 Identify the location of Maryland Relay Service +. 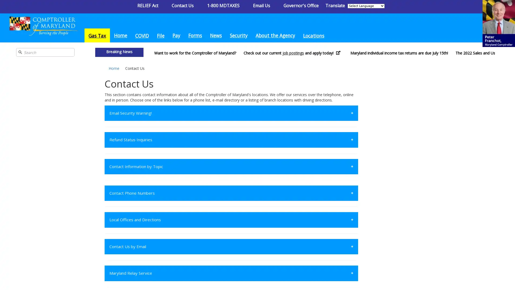
(231, 273).